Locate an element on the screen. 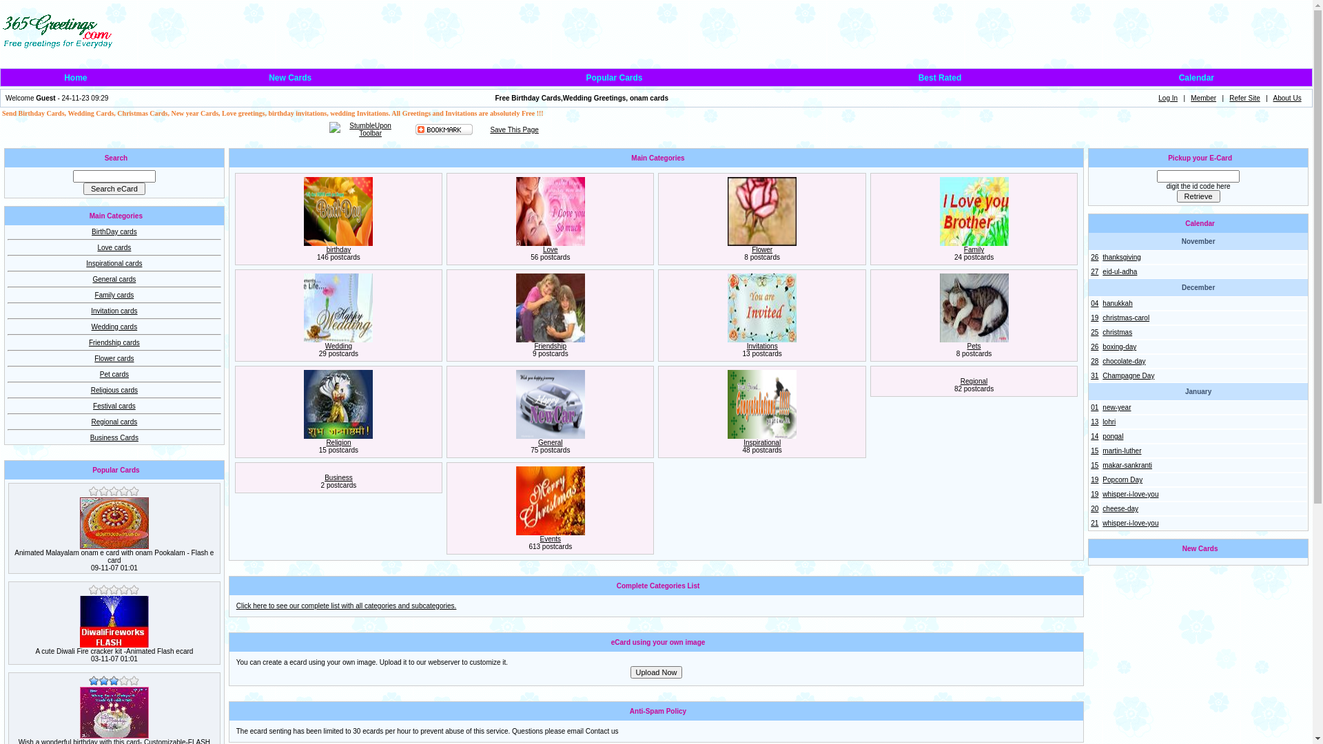 The height and width of the screenshot is (744, 1323). 'Religion' is located at coordinates (325, 442).